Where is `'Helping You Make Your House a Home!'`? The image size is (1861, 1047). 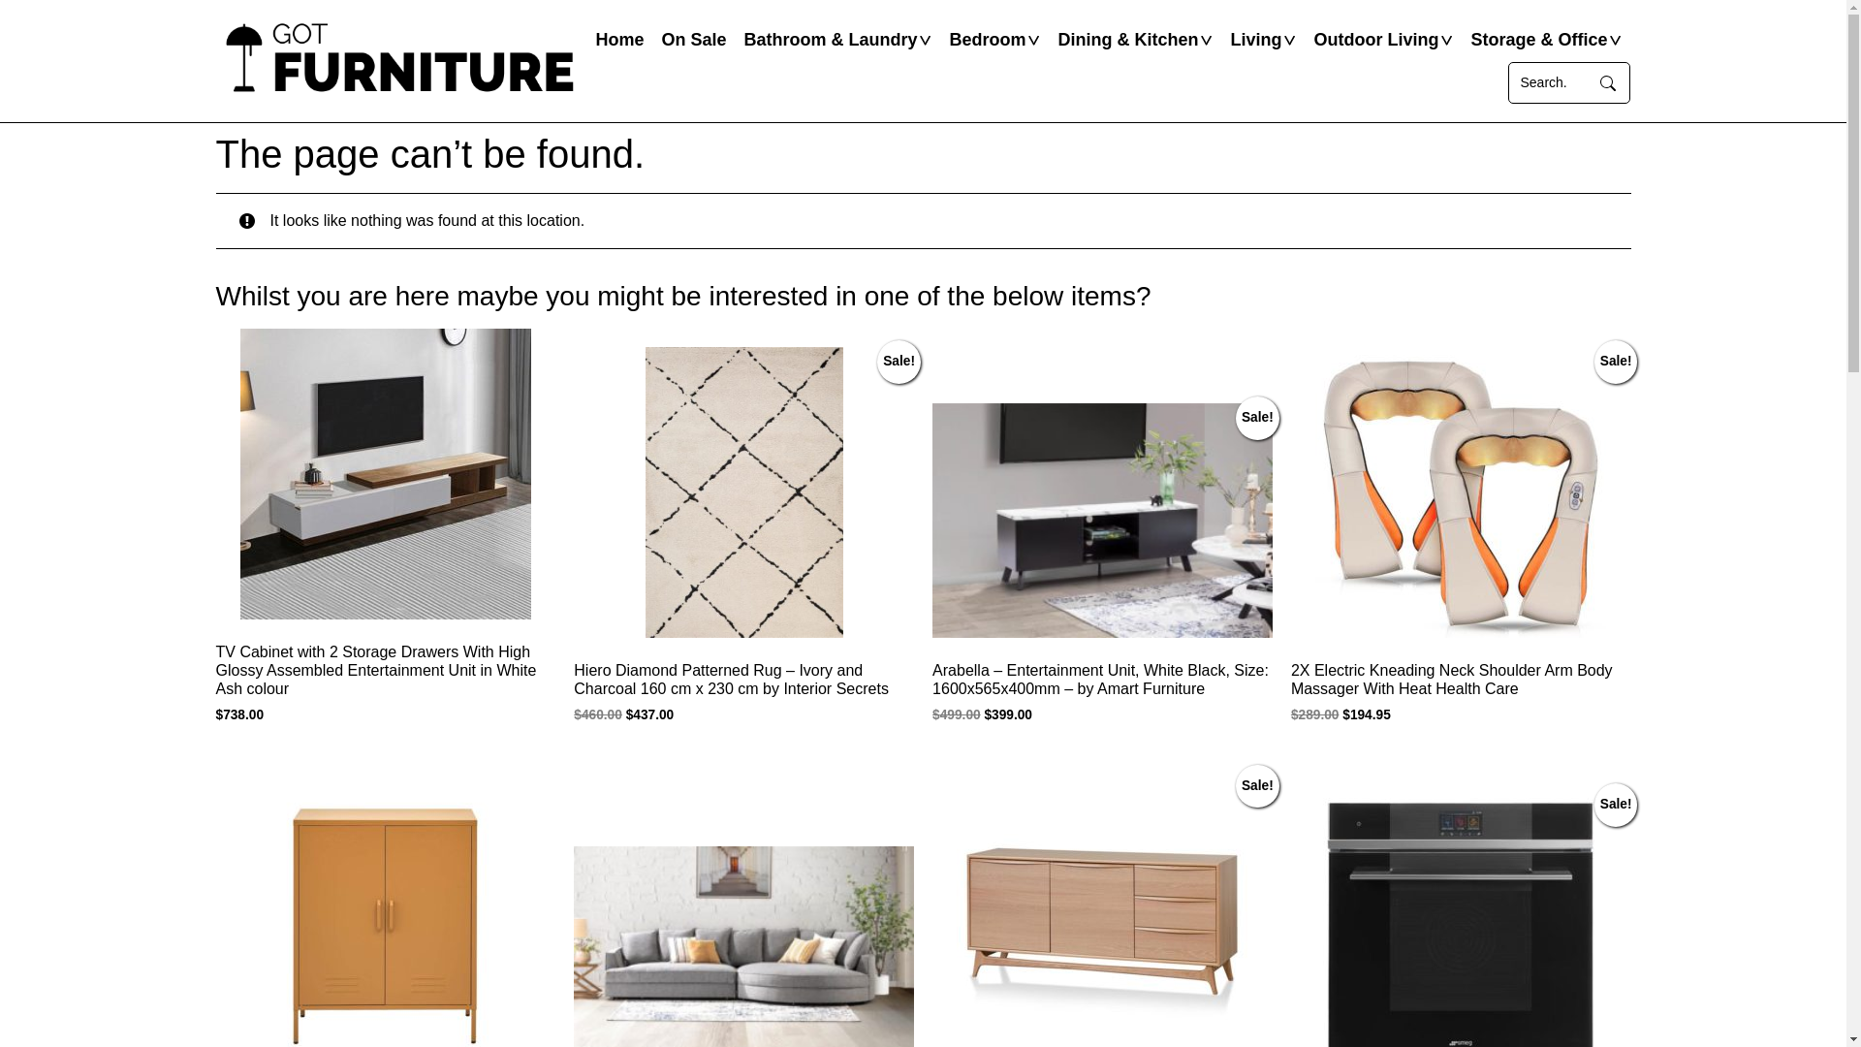 'Helping You Make Your House a Home!' is located at coordinates (398, 59).